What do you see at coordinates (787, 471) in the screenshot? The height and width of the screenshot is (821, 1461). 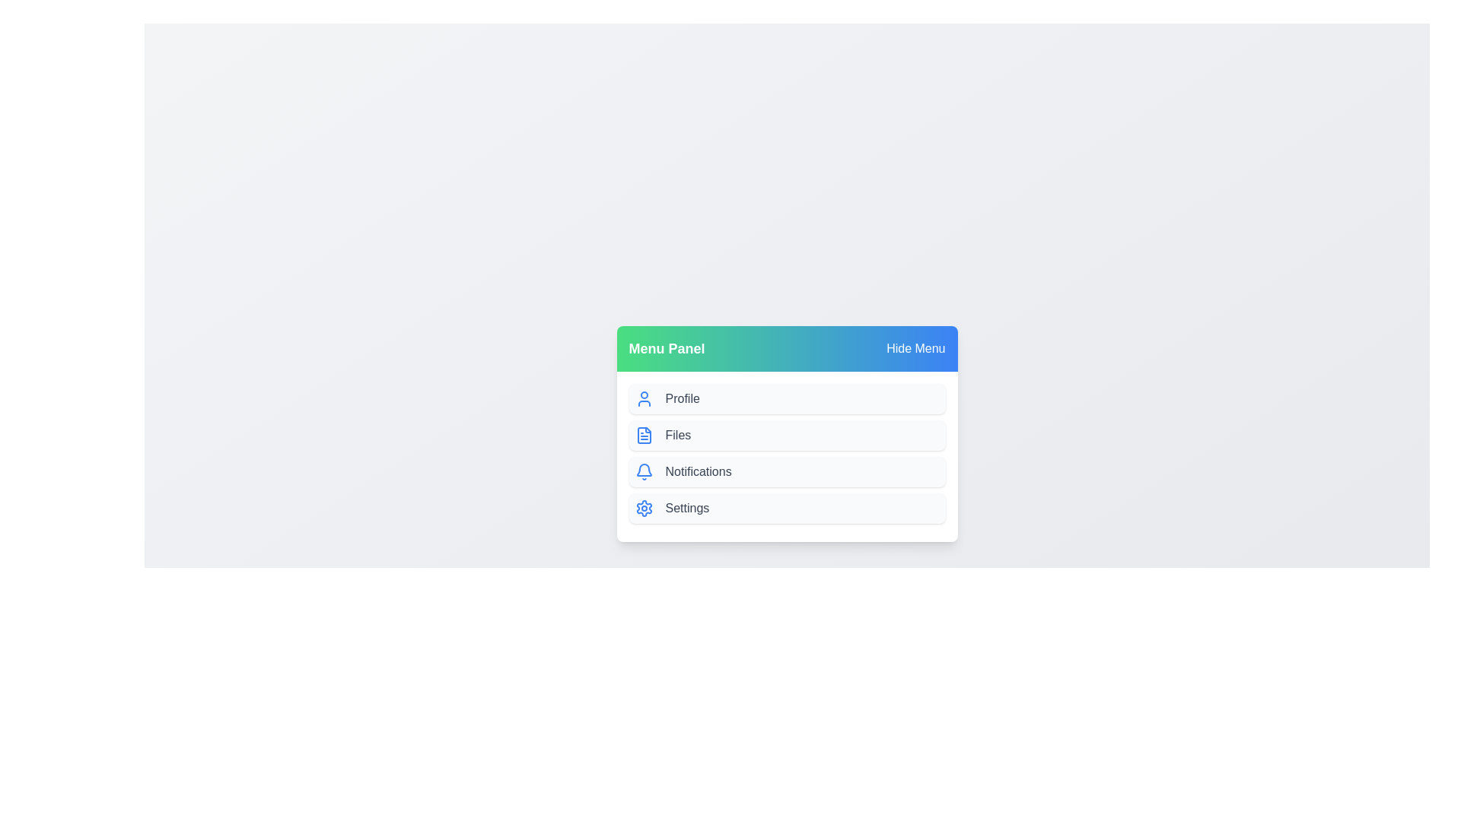 I see `the menu item Notifications` at bounding box center [787, 471].